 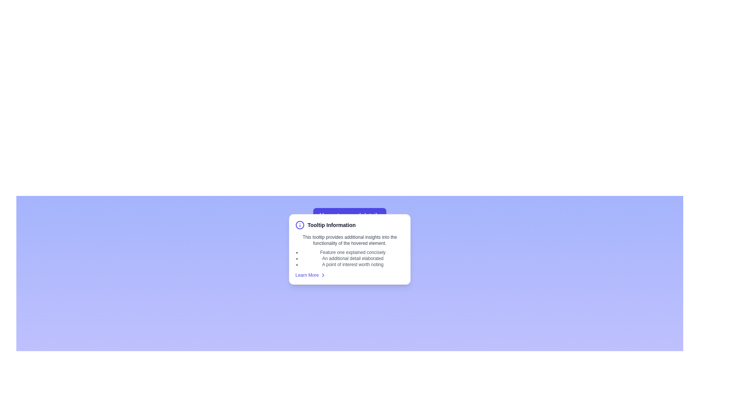 I want to click on text of the third item in the vertically arranged bulleted list within the tooltip, located towards the bottom of the tooltip box, so click(x=352, y=264).